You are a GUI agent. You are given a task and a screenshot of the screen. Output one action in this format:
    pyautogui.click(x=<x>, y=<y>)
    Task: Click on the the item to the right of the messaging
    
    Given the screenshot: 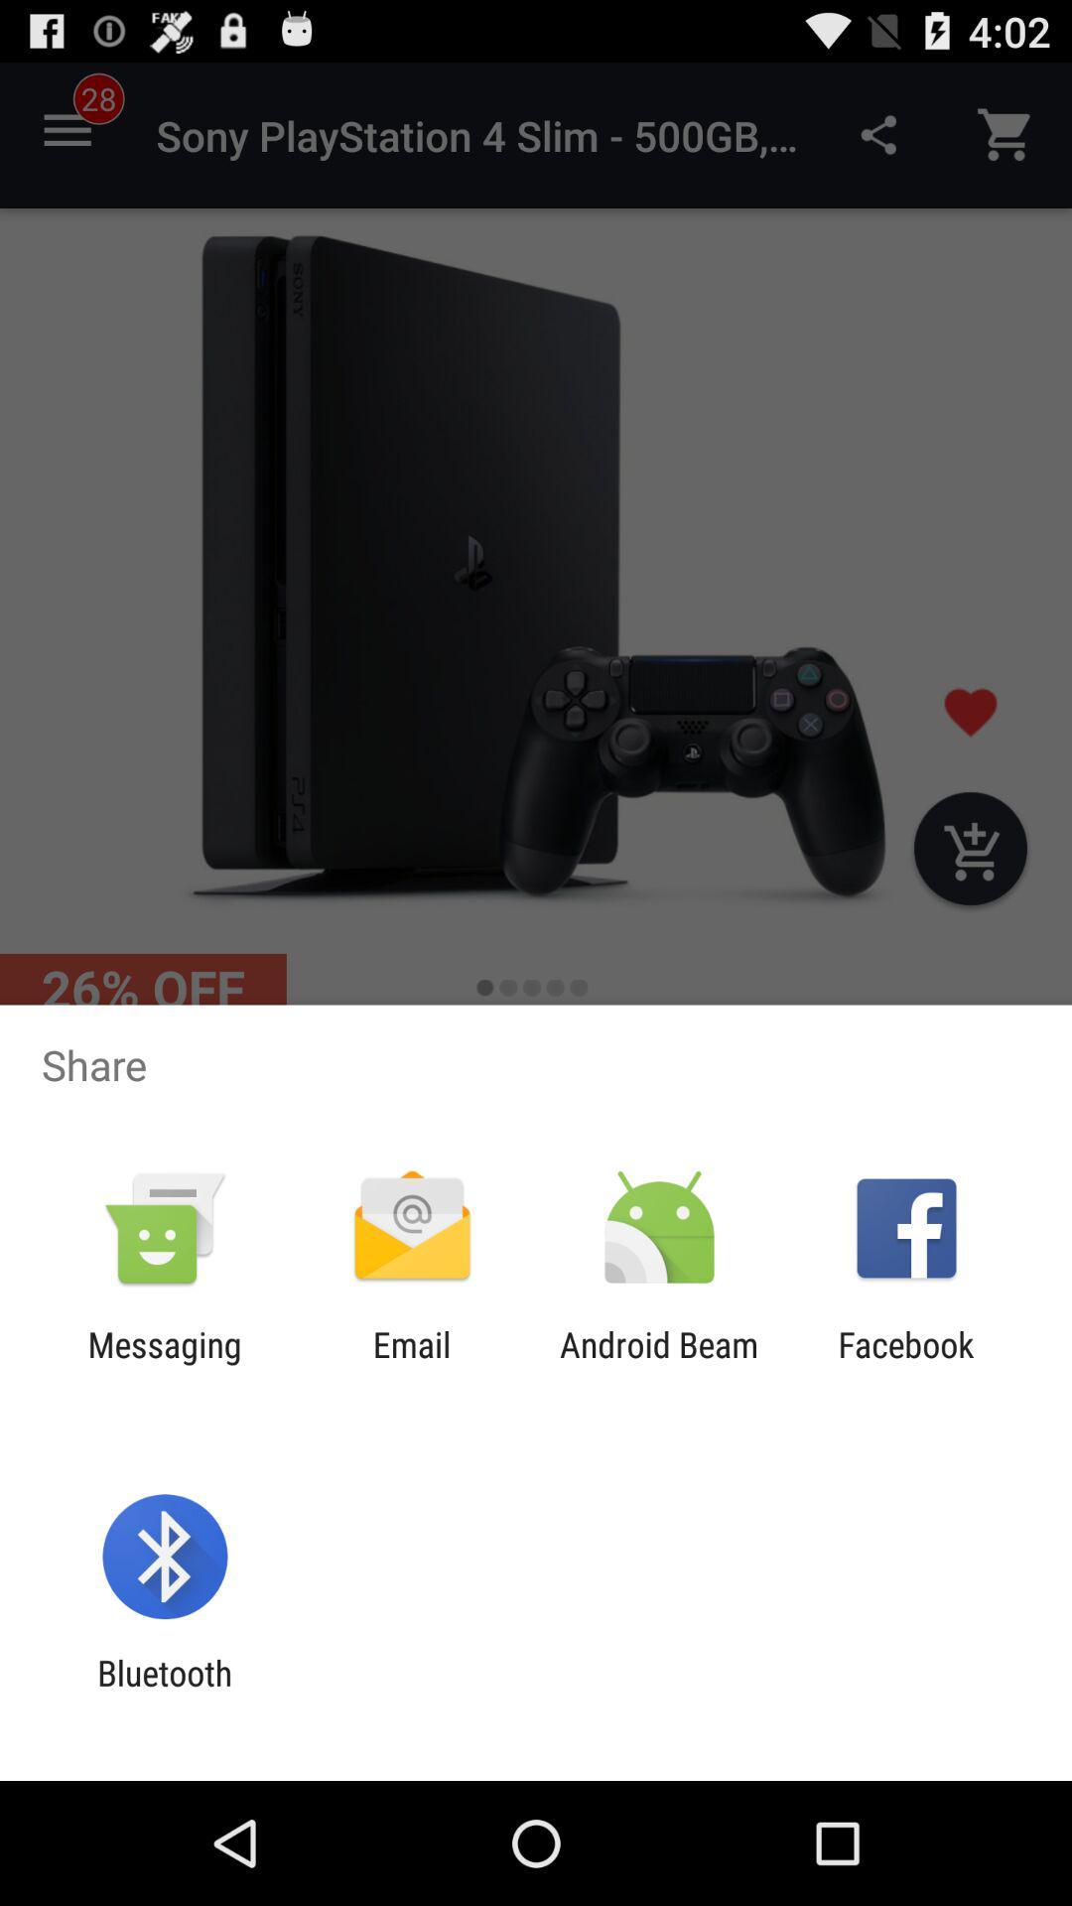 What is the action you would take?
    pyautogui.click(x=411, y=1364)
    